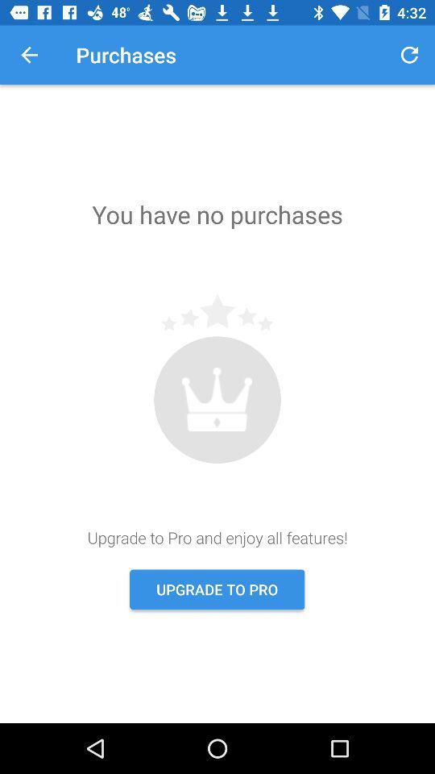 The width and height of the screenshot is (435, 774). Describe the element at coordinates (29, 55) in the screenshot. I see `item to the left of the purchases` at that location.